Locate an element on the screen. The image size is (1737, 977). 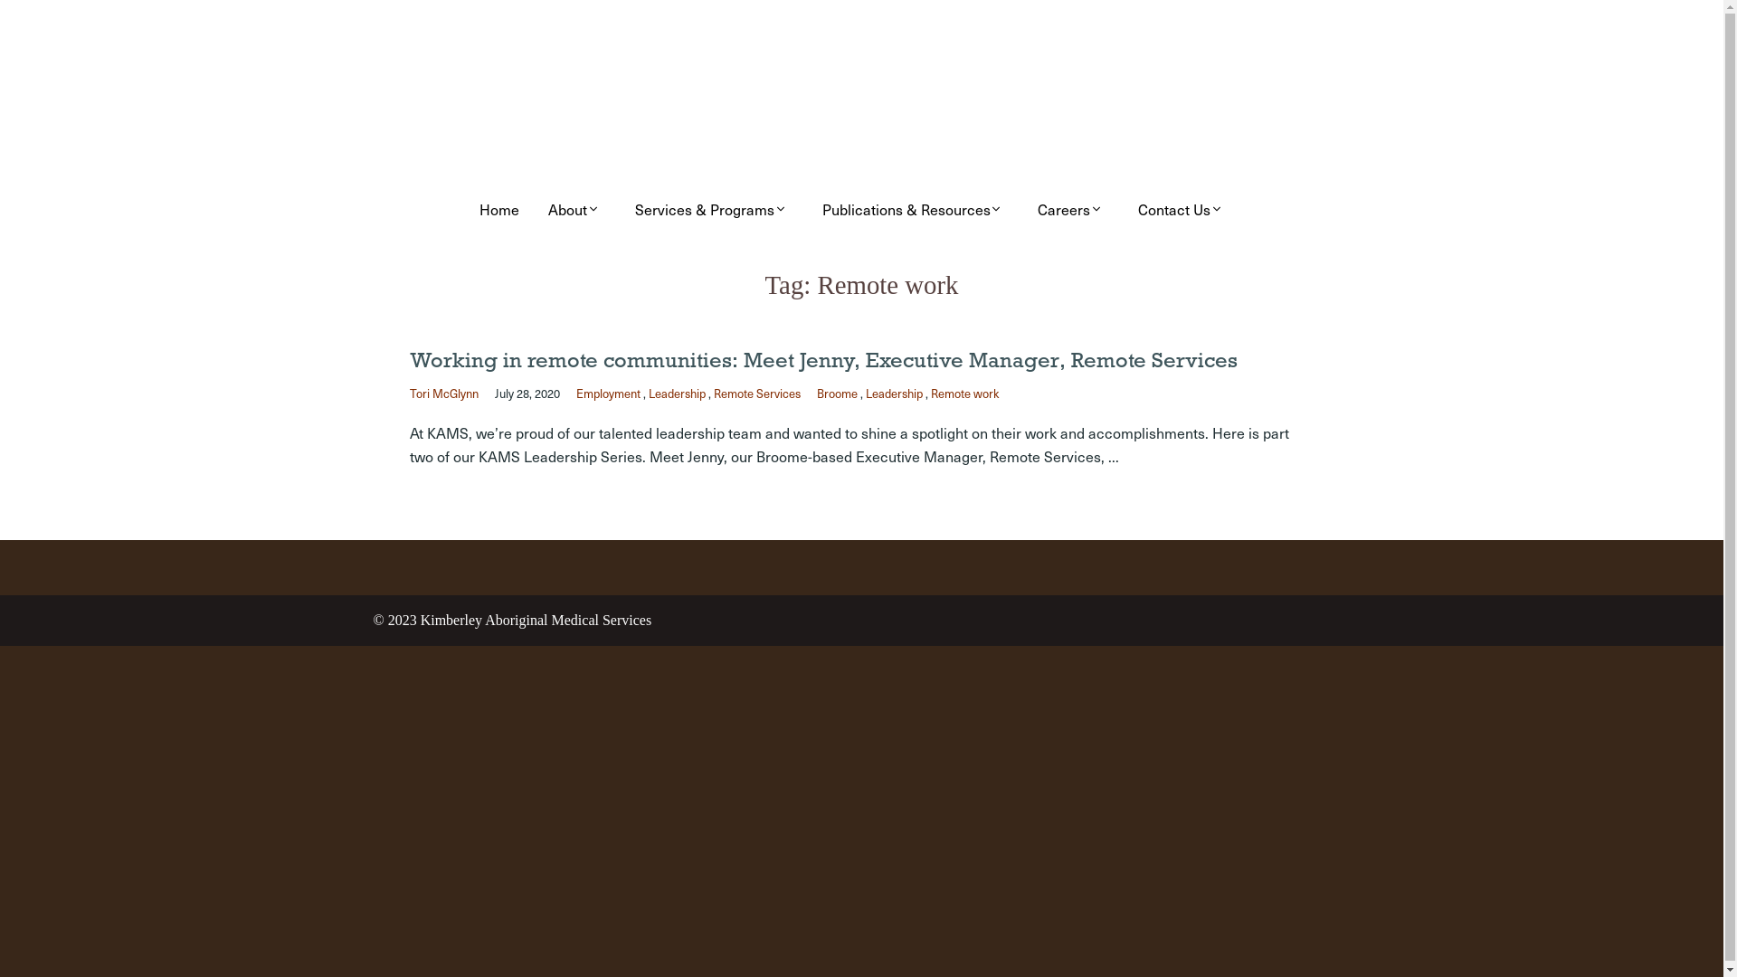
'Remote work' is located at coordinates (963, 392).